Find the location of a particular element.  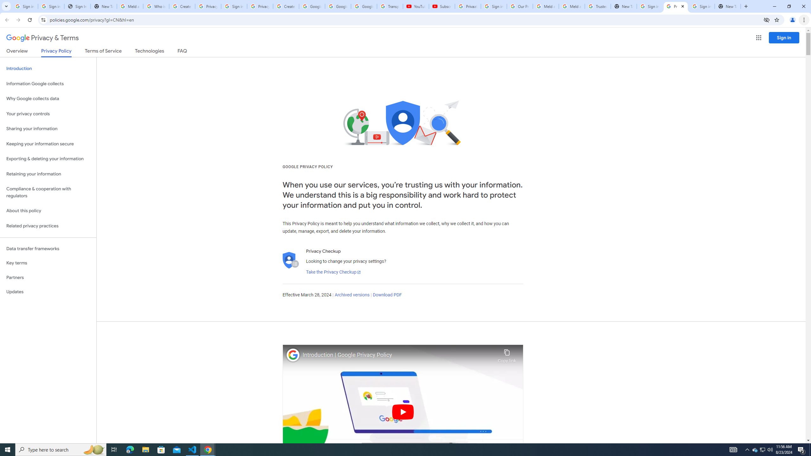

'Copy link' is located at coordinates (507, 354).